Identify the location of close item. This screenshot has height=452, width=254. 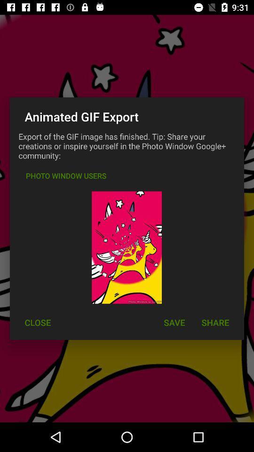
(37, 323).